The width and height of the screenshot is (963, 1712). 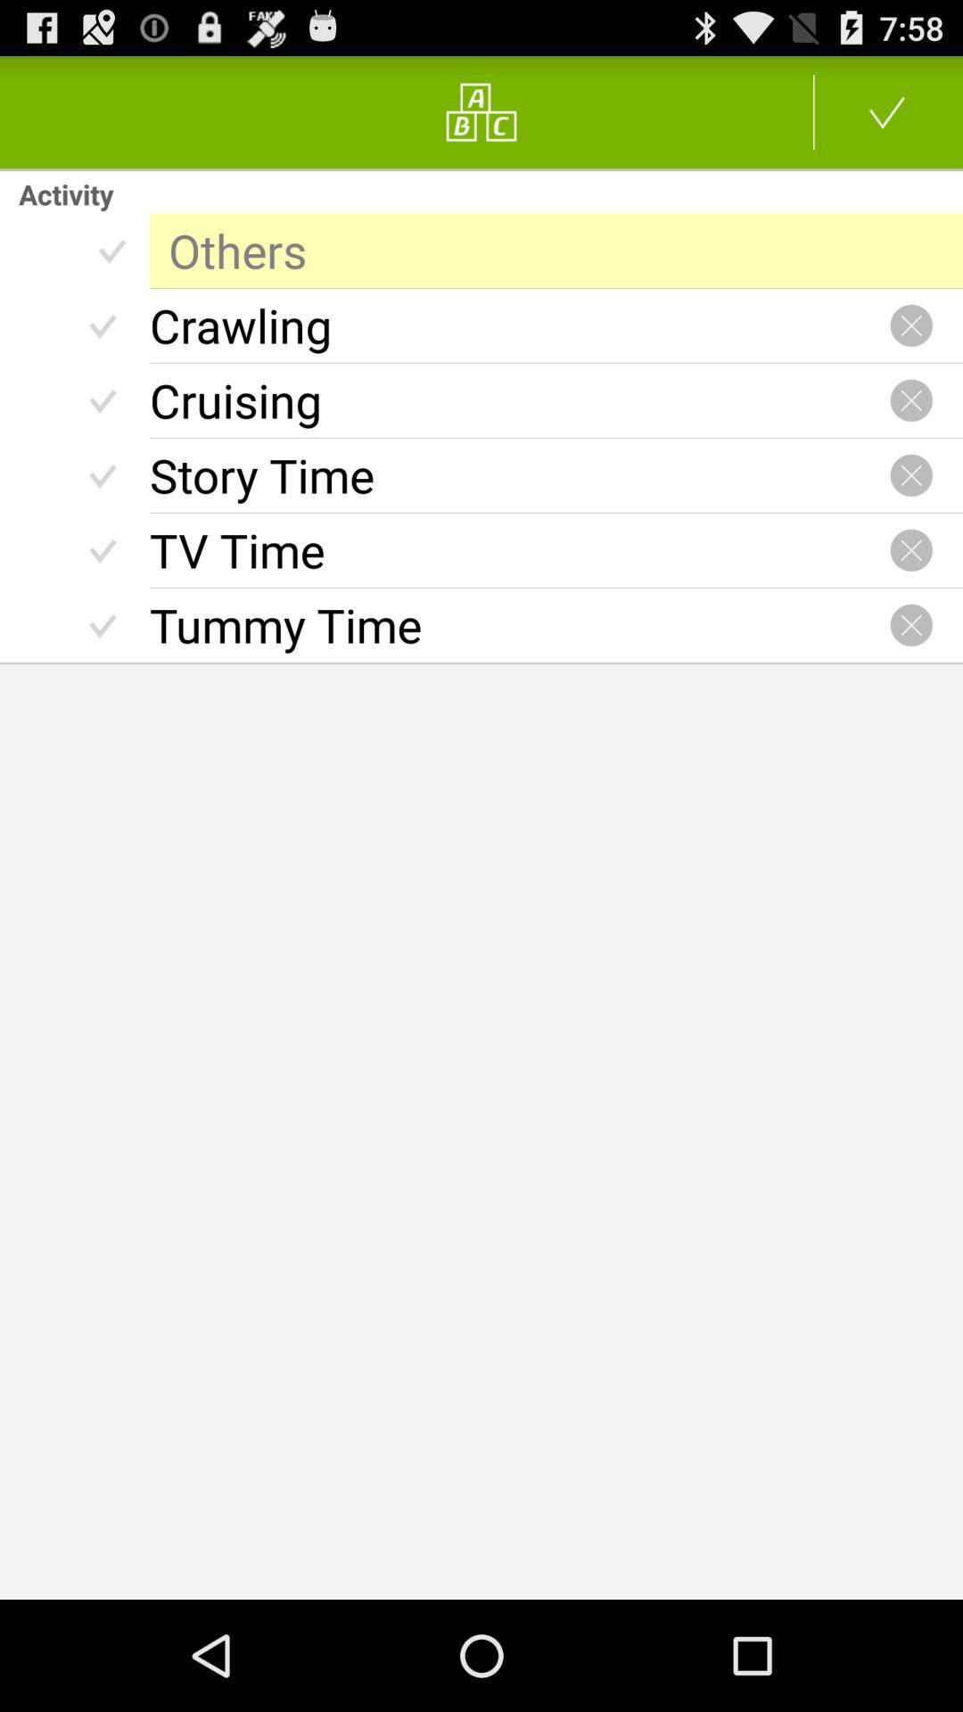 I want to click on delete activity, so click(x=911, y=325).